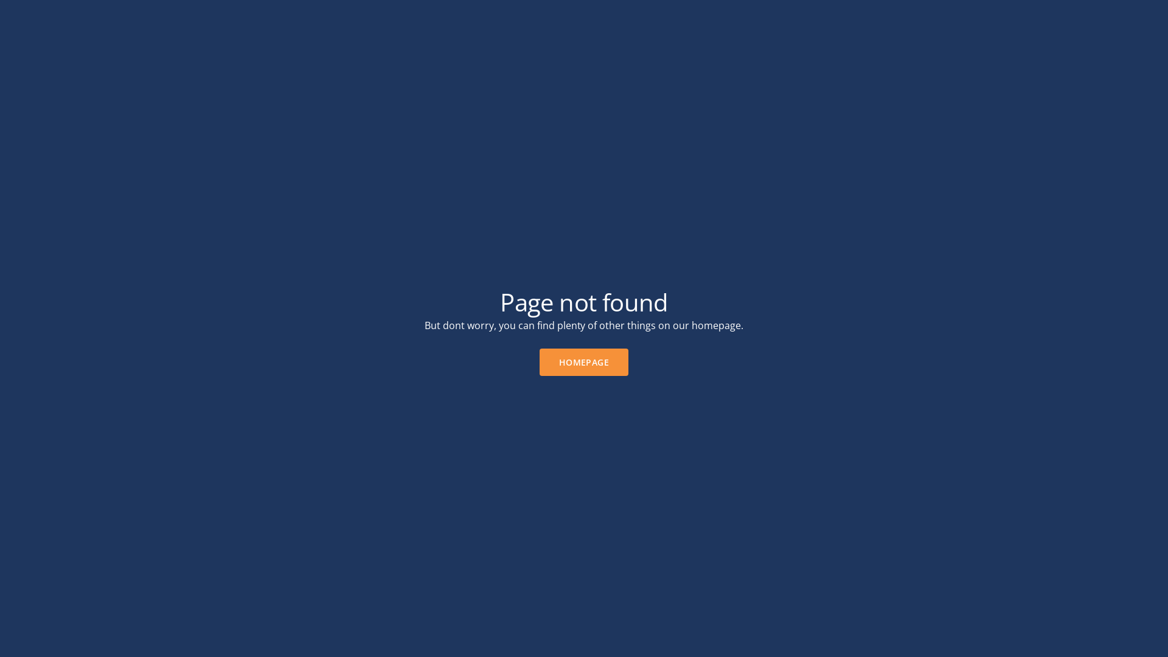 The height and width of the screenshot is (657, 1168). Describe the element at coordinates (584, 361) in the screenshot. I see `'HOMEPAGE'` at that location.